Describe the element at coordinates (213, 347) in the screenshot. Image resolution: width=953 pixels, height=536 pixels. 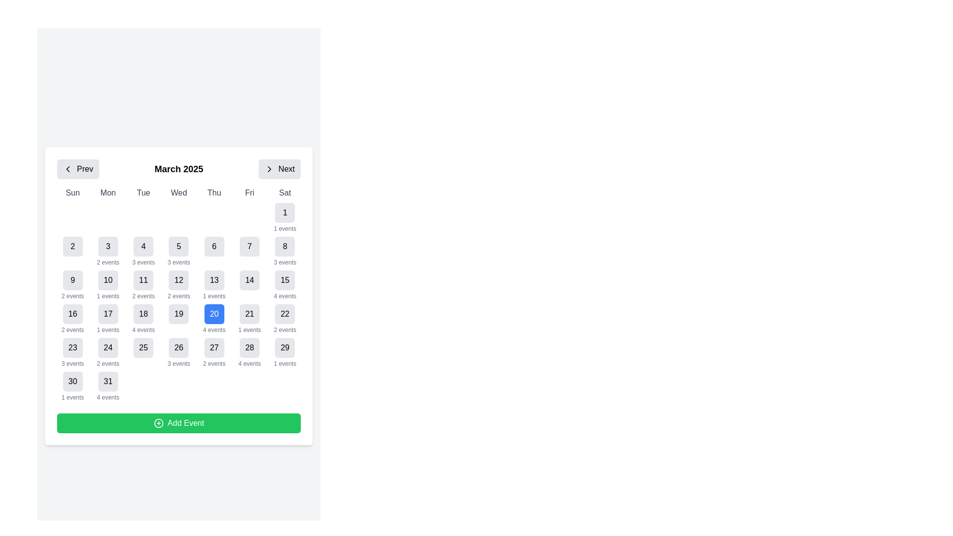
I see `the square-shaped button labeled '27' in bold black font, located in the last row of the calendar grid` at that location.